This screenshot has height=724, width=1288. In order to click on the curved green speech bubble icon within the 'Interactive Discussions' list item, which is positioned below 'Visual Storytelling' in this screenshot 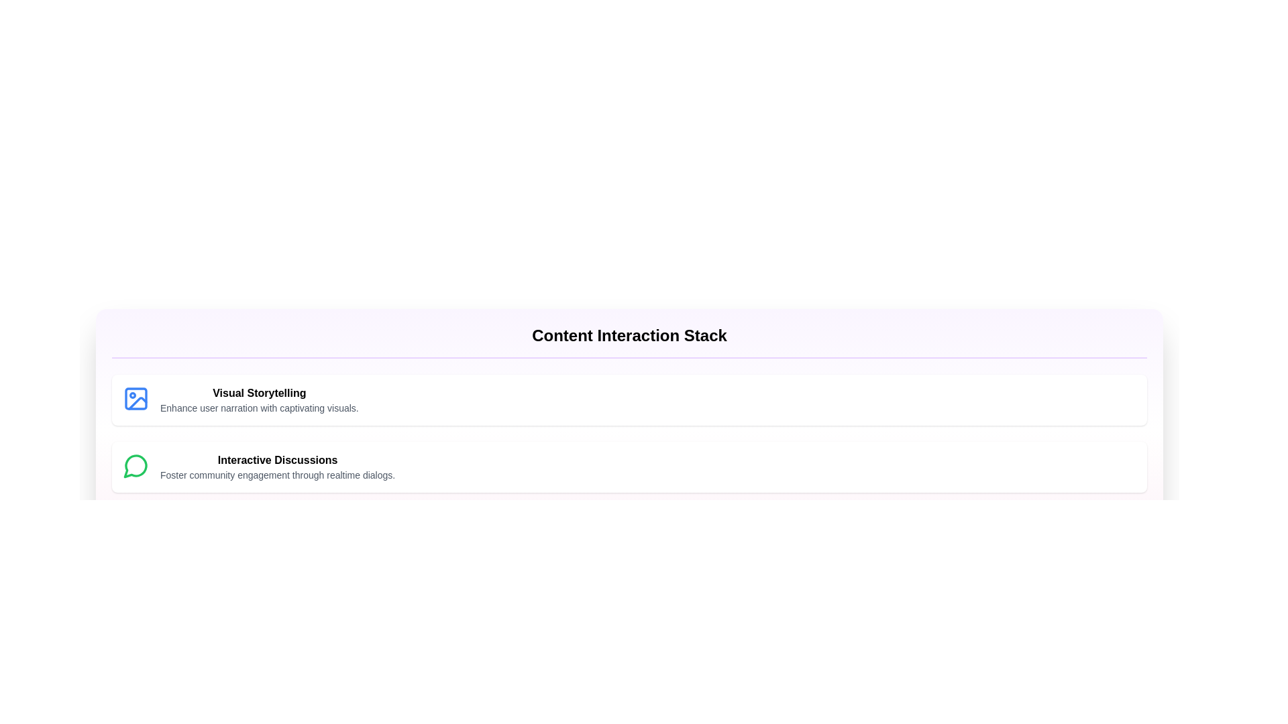, I will do `click(136, 465)`.